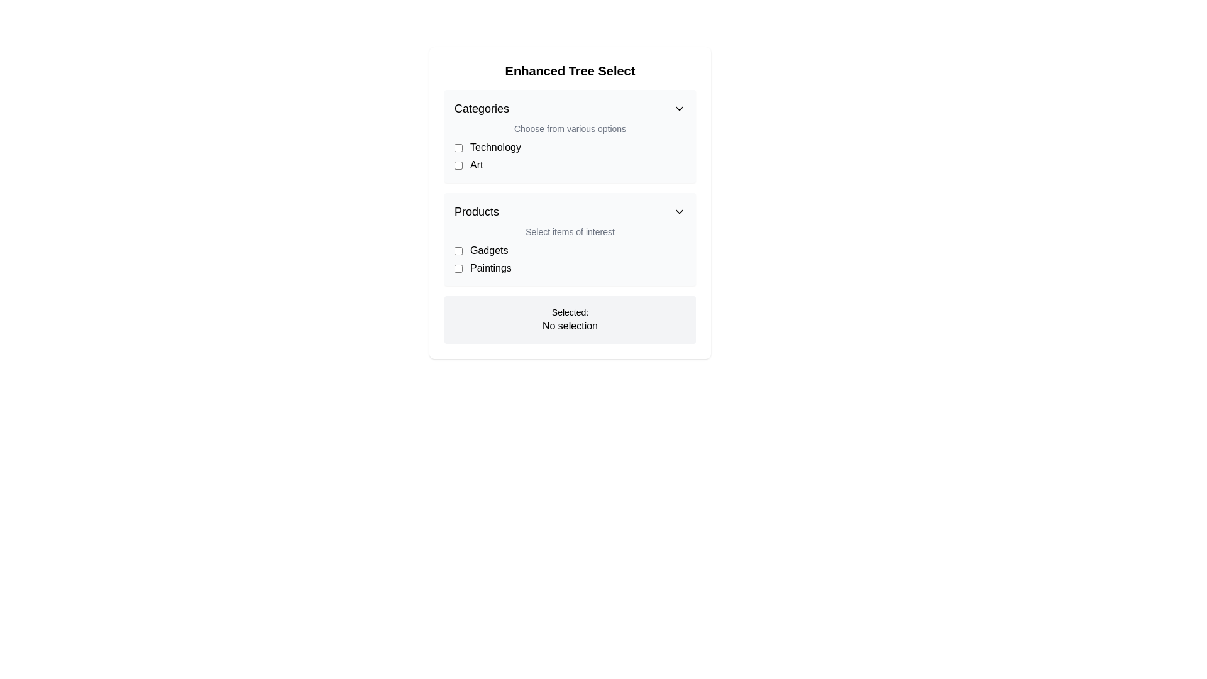  I want to click on the Chevron icon representing a dropdown toggle located to the right of the 'Categories' text, so click(678, 108).